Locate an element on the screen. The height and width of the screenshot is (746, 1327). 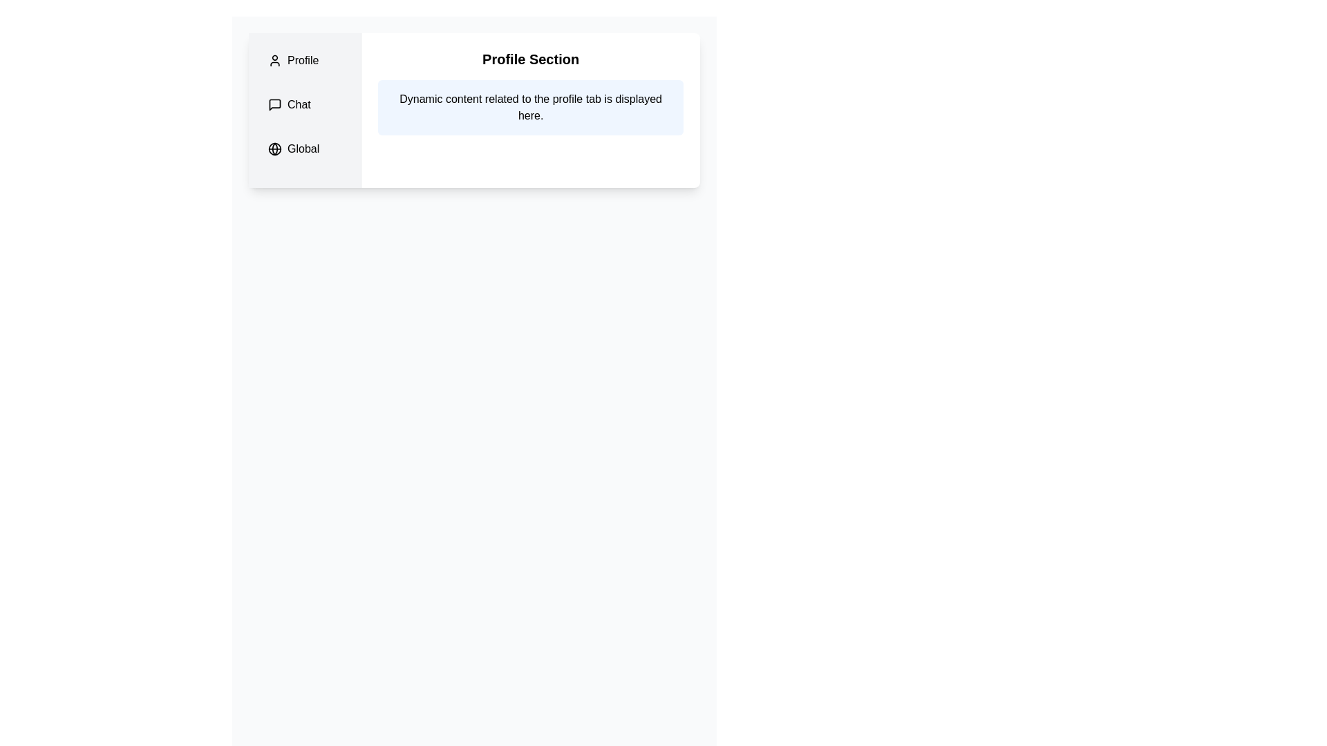
the SVG Circle that represents the 'Global' icon, located in the left sidebar between 'Chat' and 'Profile' is located at coordinates (275, 149).